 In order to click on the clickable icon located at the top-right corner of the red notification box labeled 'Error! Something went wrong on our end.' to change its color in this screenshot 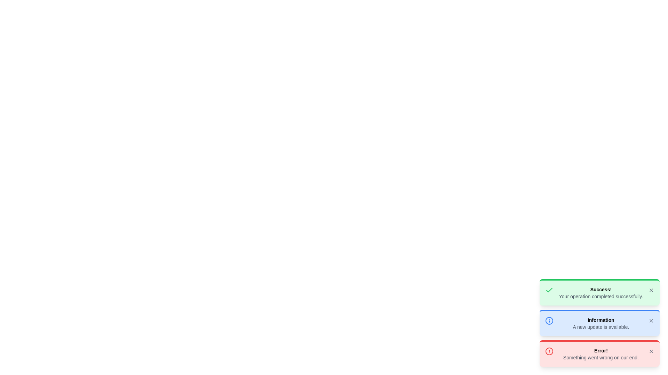, I will do `click(651, 351)`.